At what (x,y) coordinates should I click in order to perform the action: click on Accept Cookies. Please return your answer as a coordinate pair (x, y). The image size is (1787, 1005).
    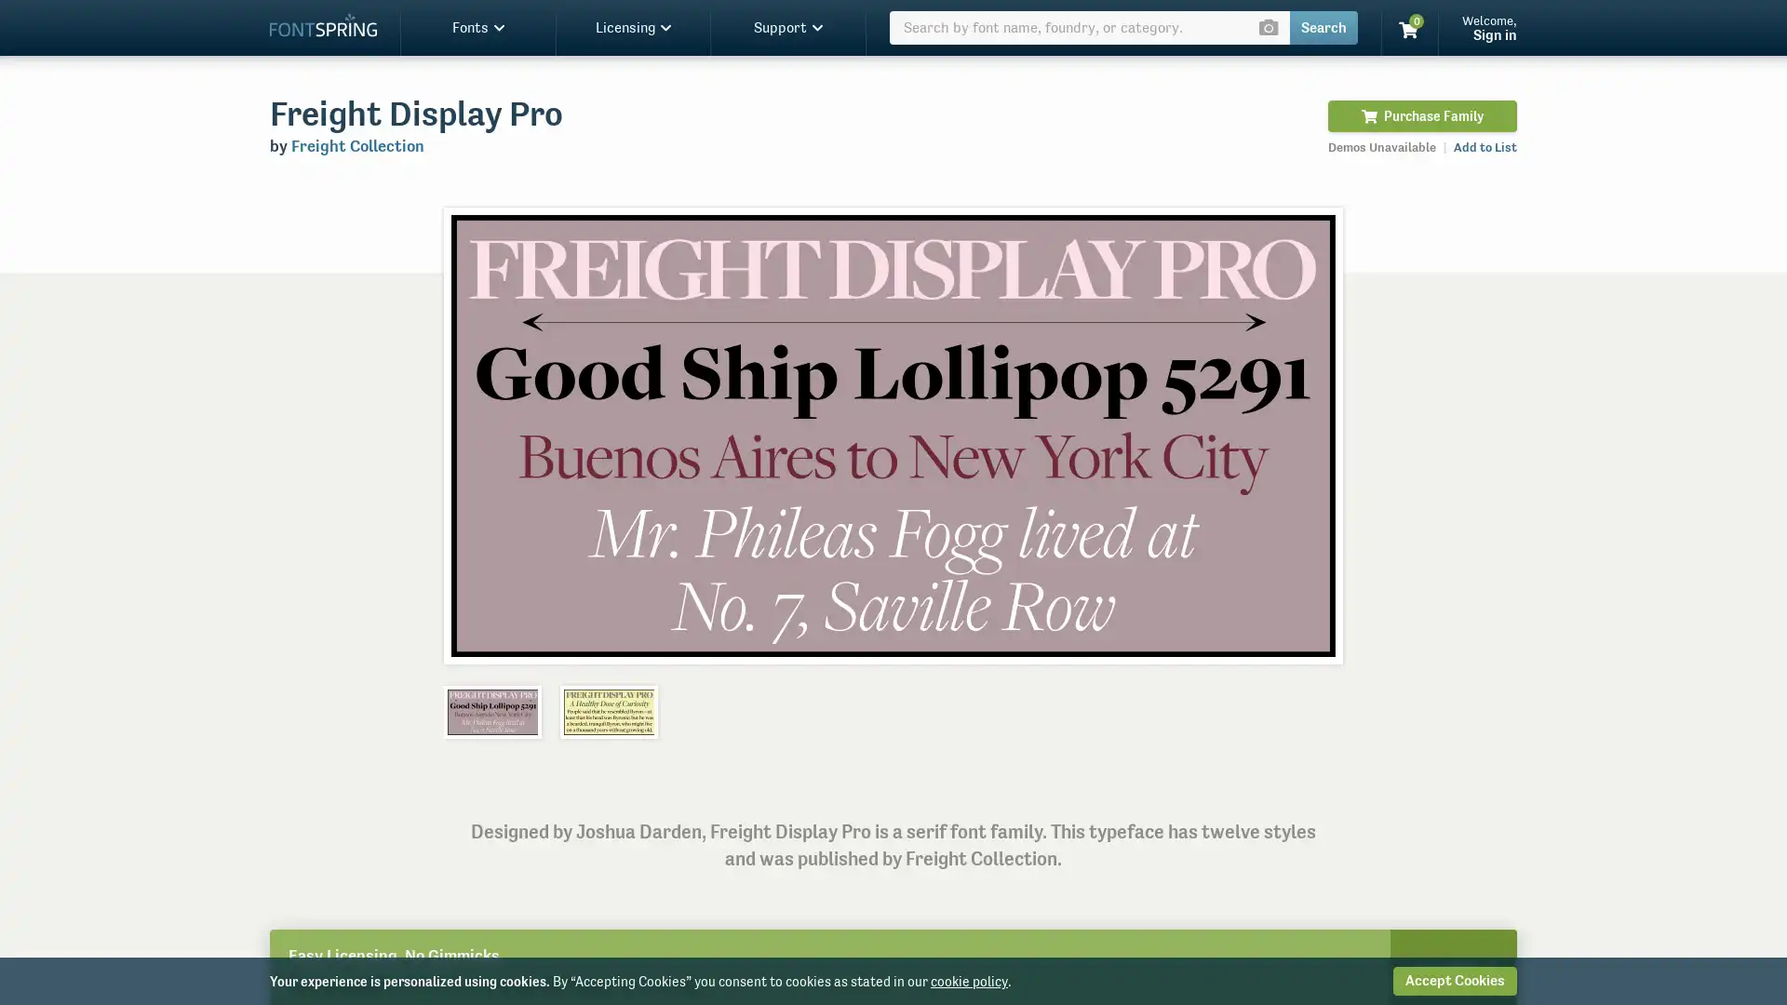
    Looking at the image, I should click on (1454, 980).